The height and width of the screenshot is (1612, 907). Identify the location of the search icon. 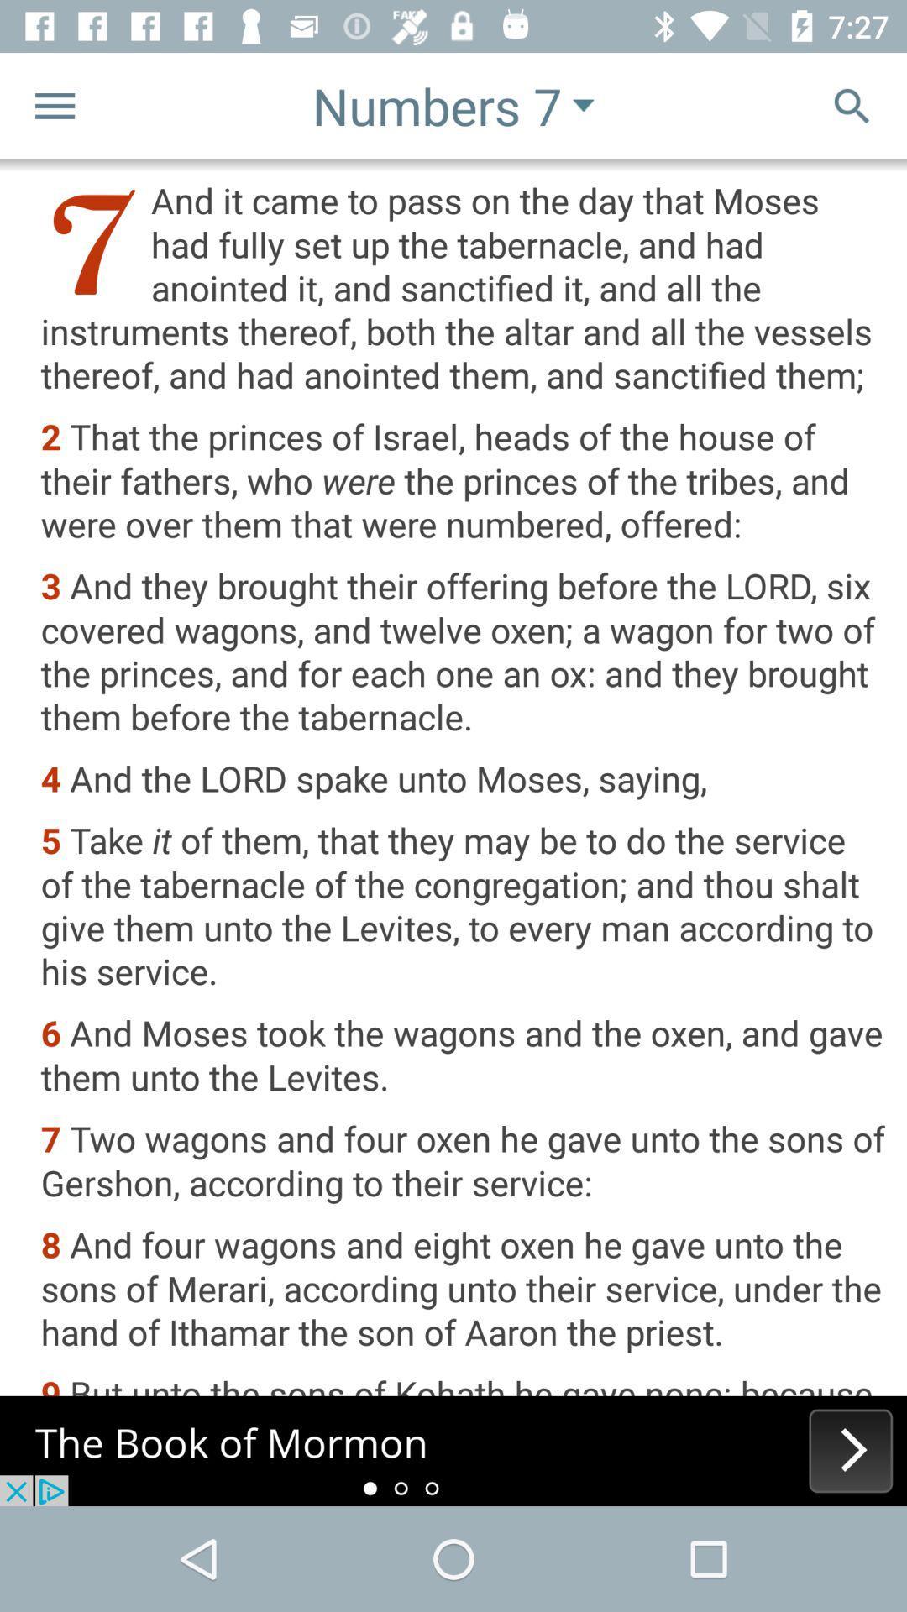
(852, 104).